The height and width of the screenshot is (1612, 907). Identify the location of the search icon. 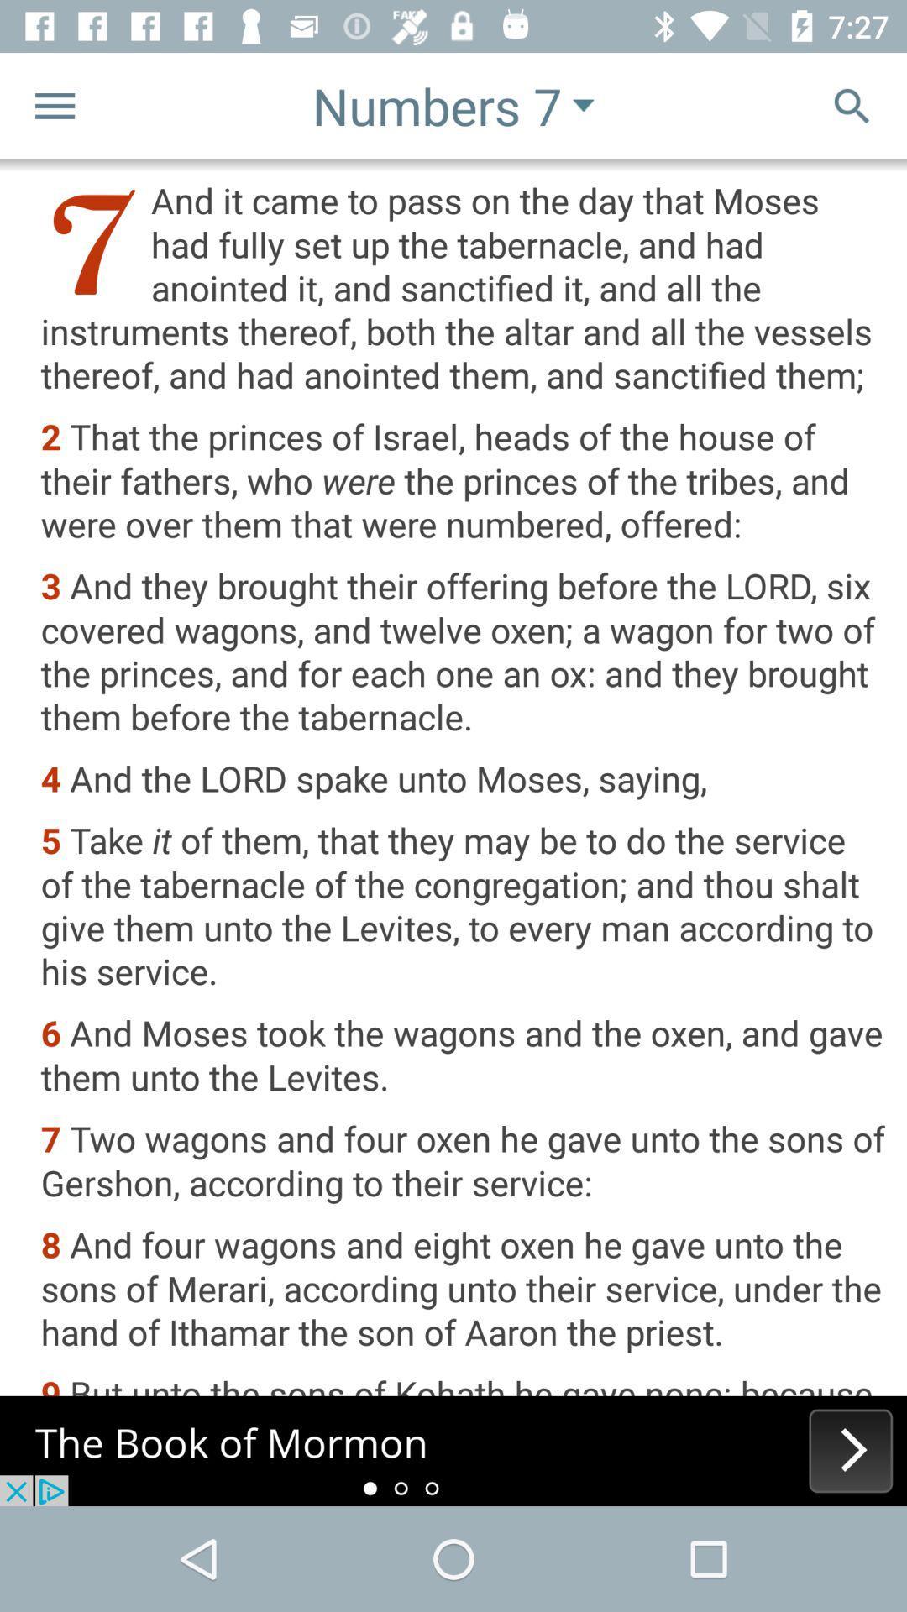
(852, 104).